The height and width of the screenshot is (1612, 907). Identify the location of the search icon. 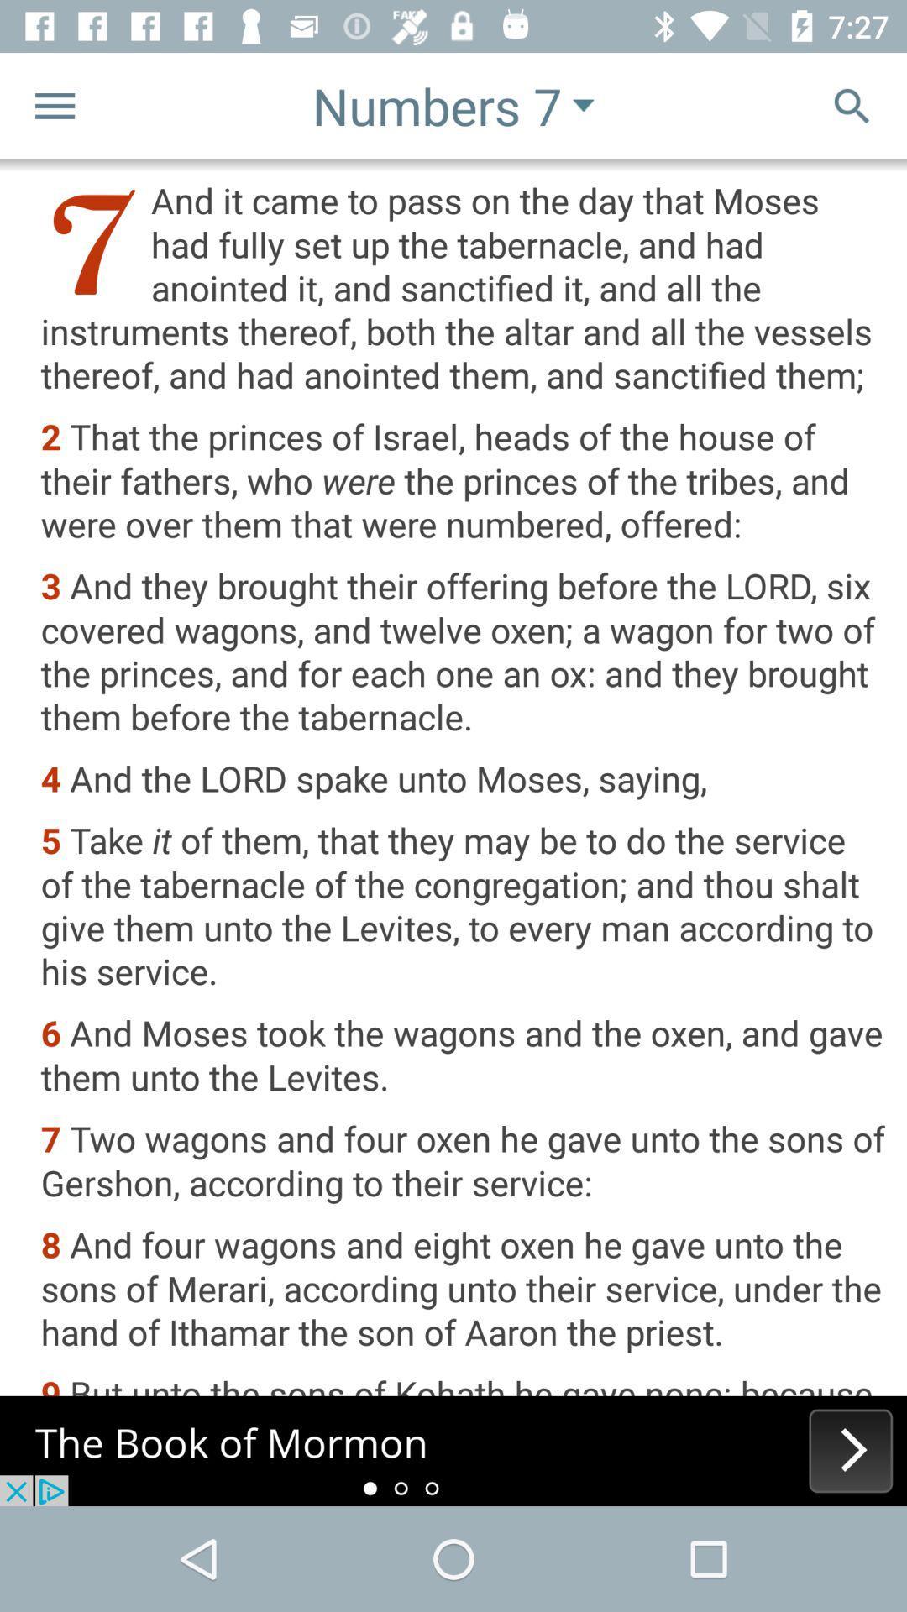
(852, 104).